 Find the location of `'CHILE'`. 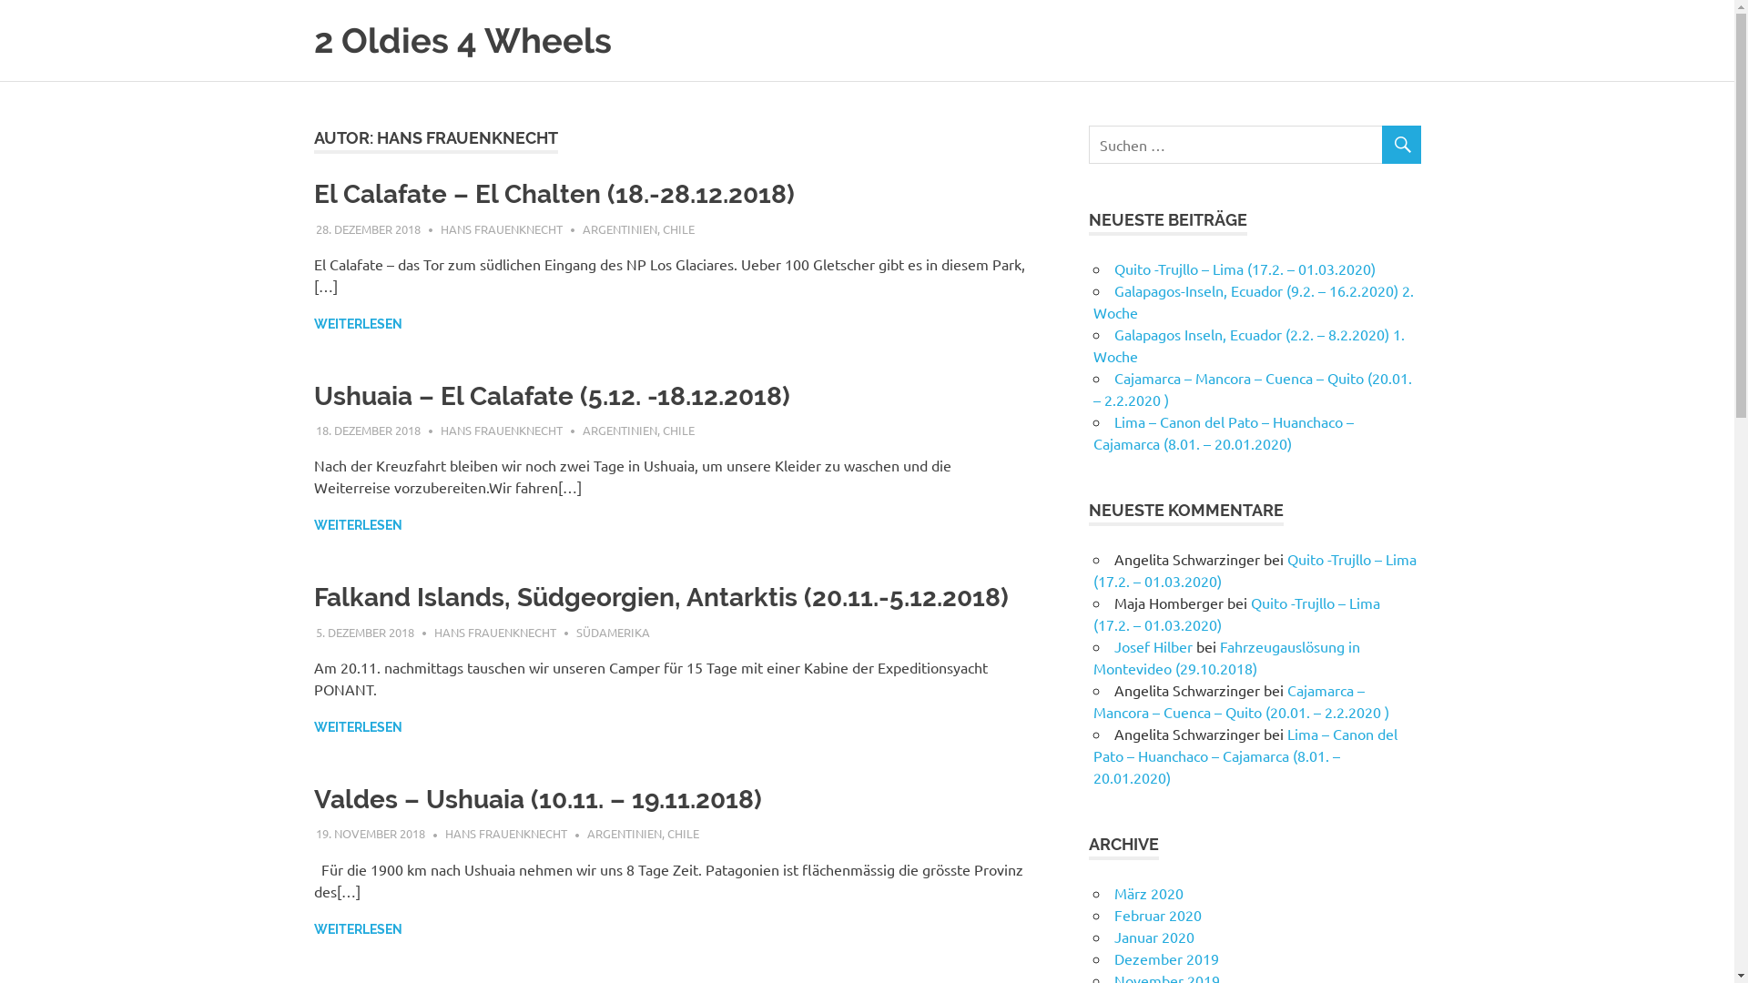

'CHILE' is located at coordinates (682, 833).